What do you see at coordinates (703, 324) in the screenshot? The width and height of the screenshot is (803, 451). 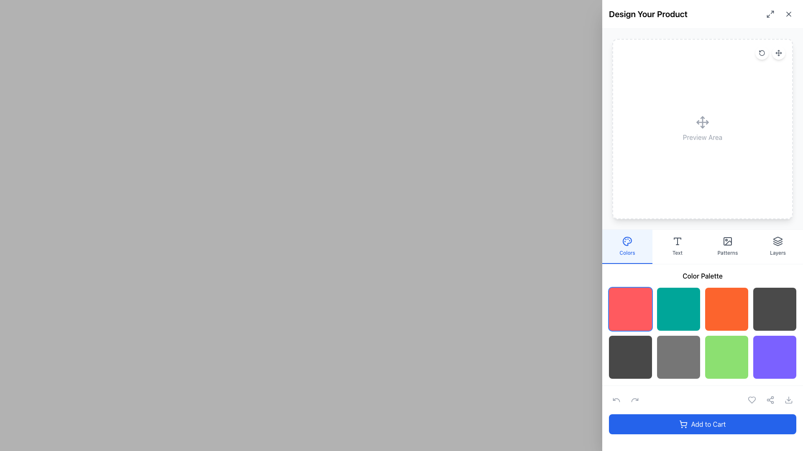 I see `the 'Design Your Product' title in the sidebar, which is located below the 'Preview Area' section and navigation tabs` at bounding box center [703, 324].